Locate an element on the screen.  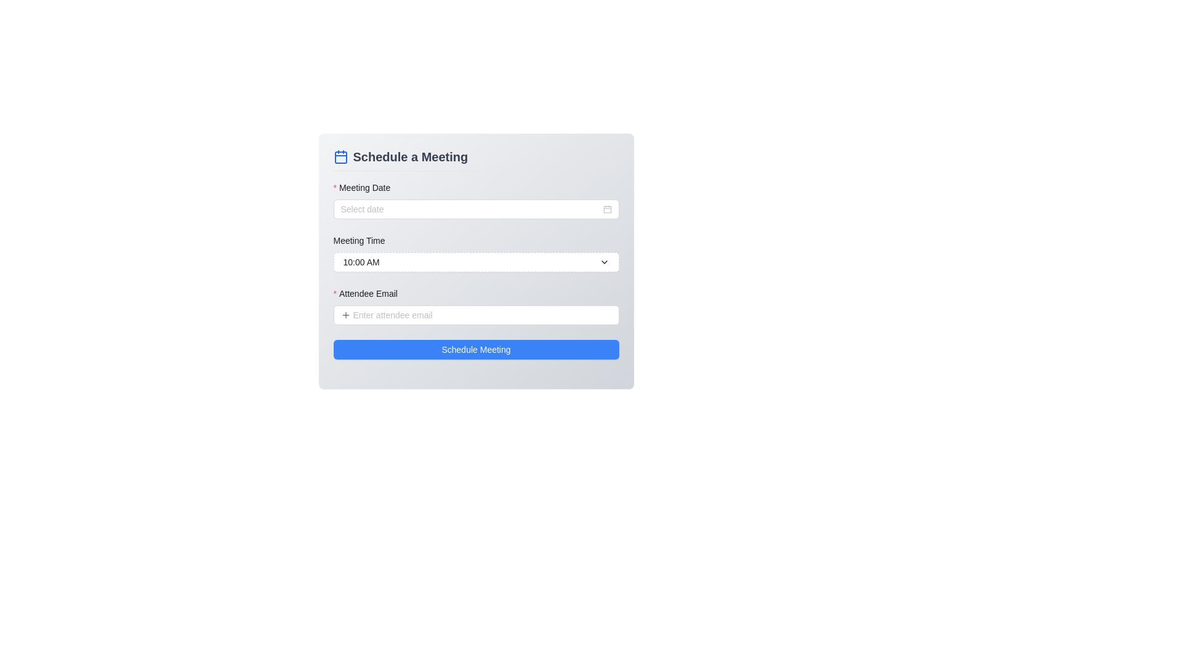
the Dropdown time picker input field, which is the second input field in the 'Schedule a Meeting' form, positioned below the 'Meeting Date' field and above the 'Attendee Email' field, by using the tab key is located at coordinates (475, 252).